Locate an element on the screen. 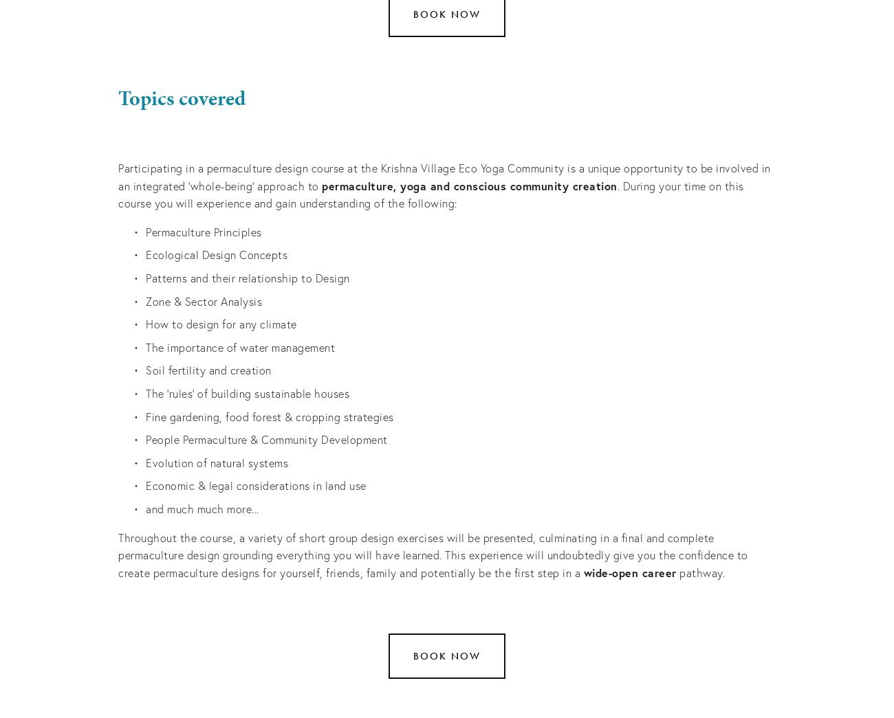  'Patterns and their relationship to Design' is located at coordinates (246, 276).